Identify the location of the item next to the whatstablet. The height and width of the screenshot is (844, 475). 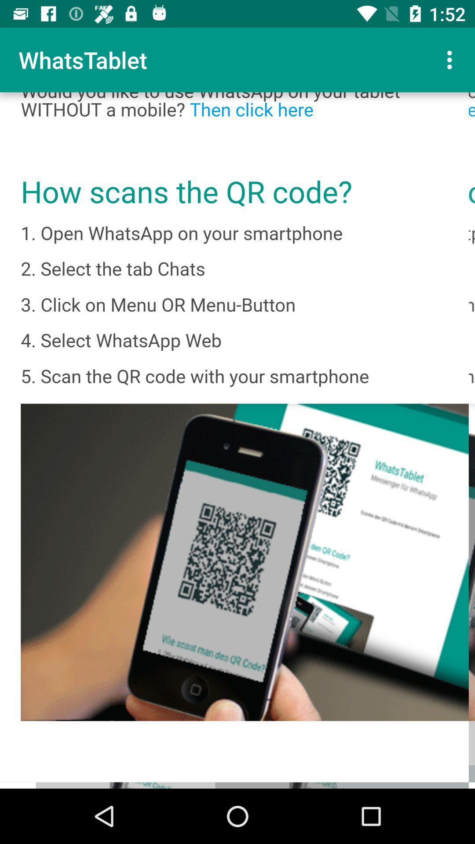
(452, 59).